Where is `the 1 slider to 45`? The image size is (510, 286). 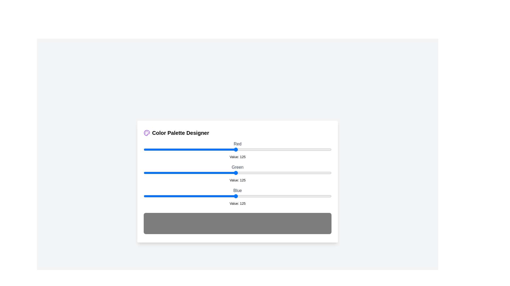
the 1 slider to 45 is located at coordinates (177, 173).